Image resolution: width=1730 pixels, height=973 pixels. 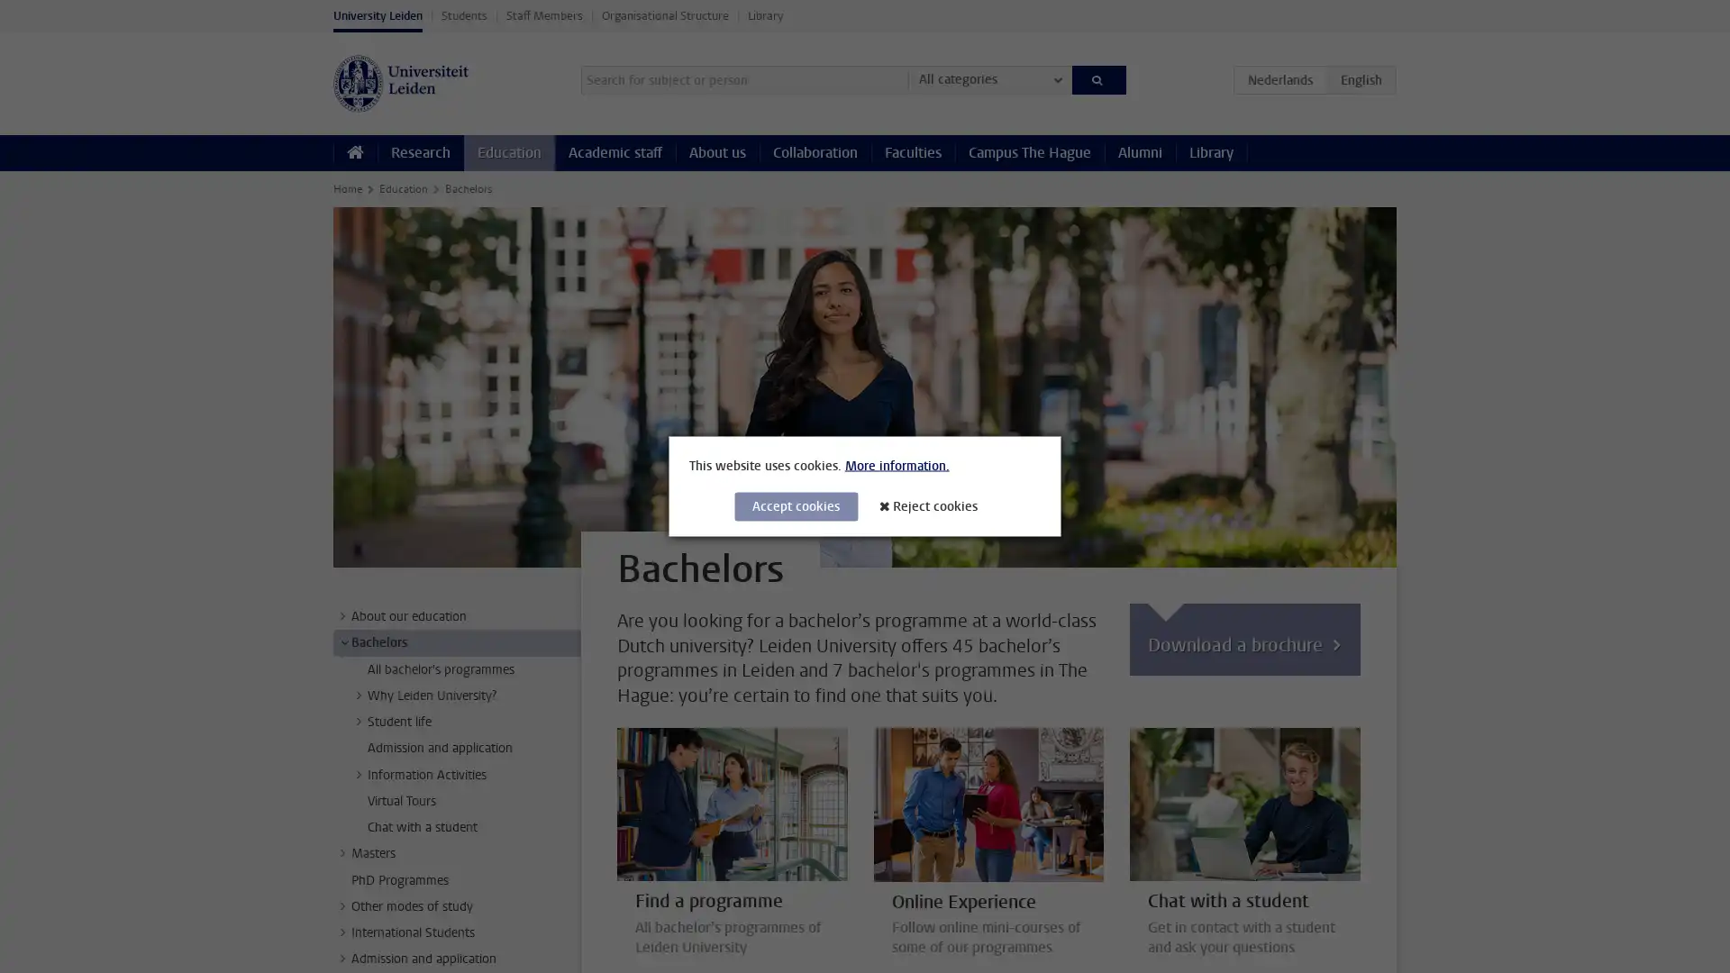 What do you see at coordinates (934, 505) in the screenshot?
I see `Reject cookies` at bounding box center [934, 505].